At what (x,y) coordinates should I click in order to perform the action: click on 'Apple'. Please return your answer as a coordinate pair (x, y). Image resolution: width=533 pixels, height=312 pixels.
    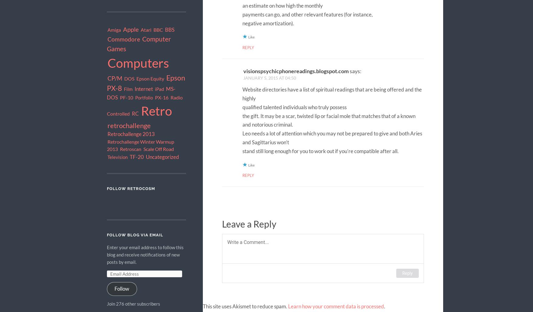
    Looking at the image, I should click on (130, 29).